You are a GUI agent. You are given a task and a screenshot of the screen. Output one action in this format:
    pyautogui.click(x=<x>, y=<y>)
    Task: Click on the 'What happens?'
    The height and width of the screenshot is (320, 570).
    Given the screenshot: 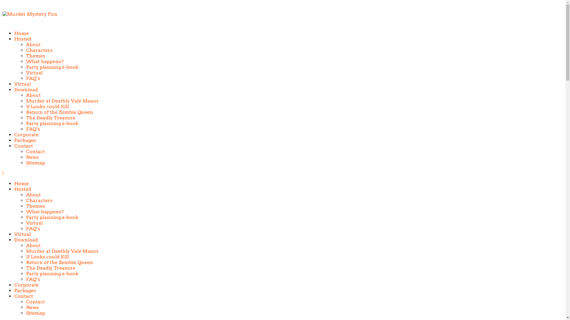 What is the action you would take?
    pyautogui.click(x=44, y=61)
    